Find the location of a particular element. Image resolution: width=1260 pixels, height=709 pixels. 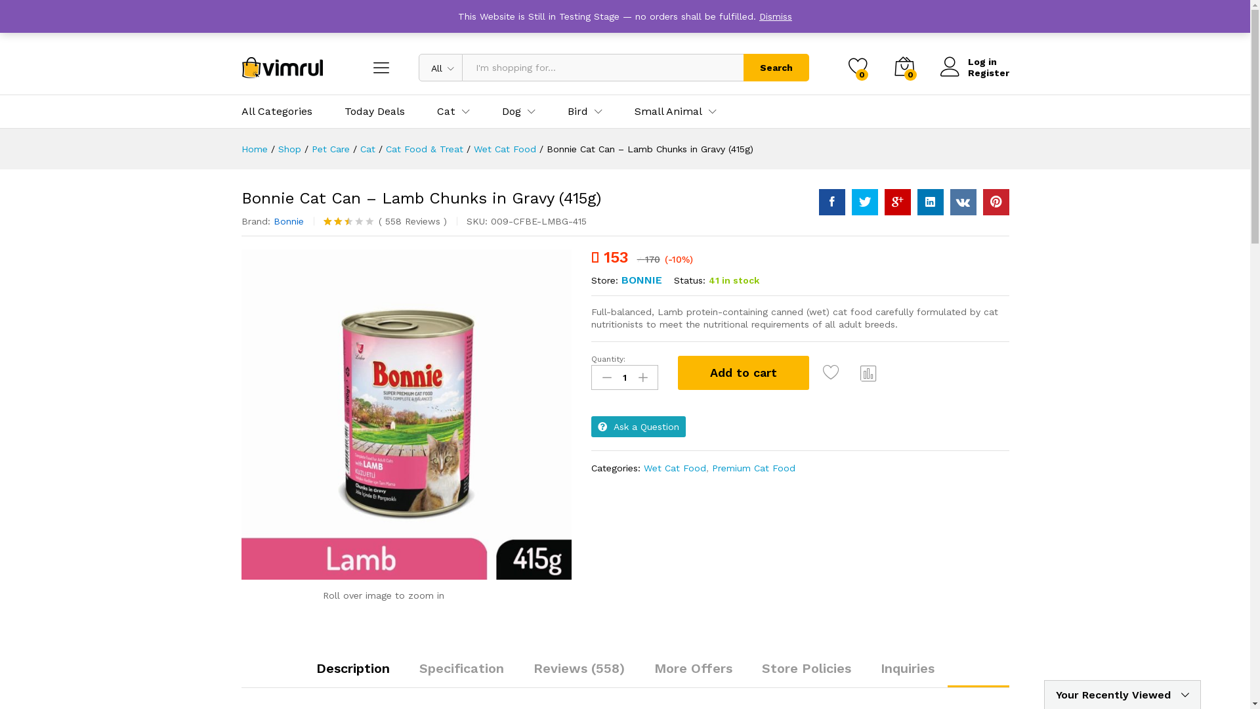

'Bonnie Cat Can - Lamb Chunks in Gravy (415g)' is located at coordinates (406, 414).